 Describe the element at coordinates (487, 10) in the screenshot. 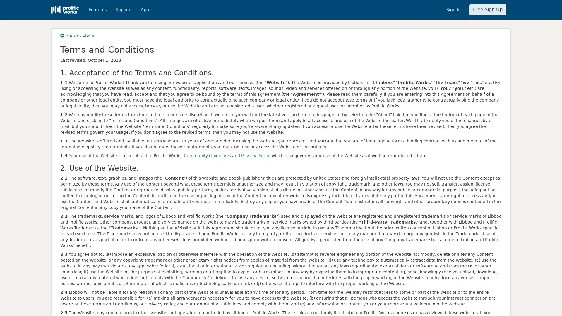

I see `Free Sign Up` at that location.